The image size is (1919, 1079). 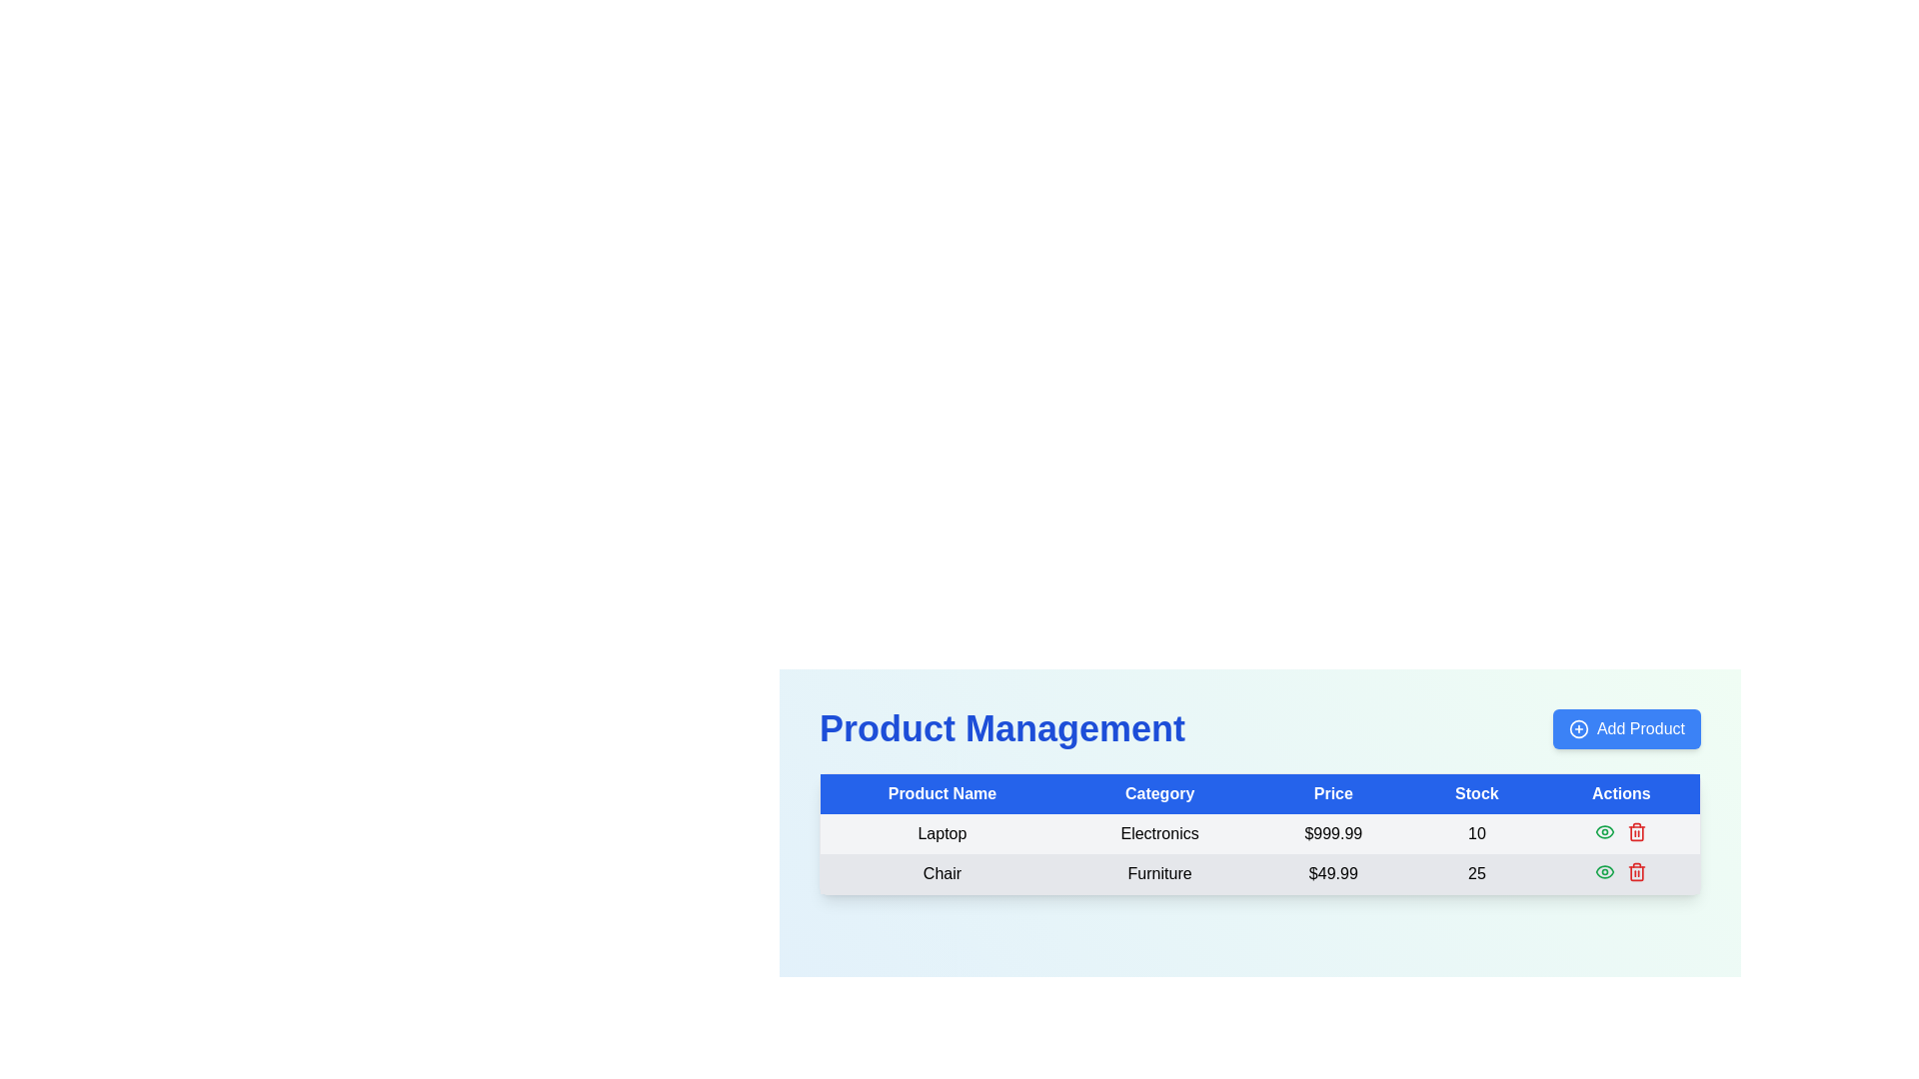 I want to click on the header label for the 'Stock' column in the table, which is the fourth column from the left, positioned towards the center-right of the table, so click(x=1476, y=792).